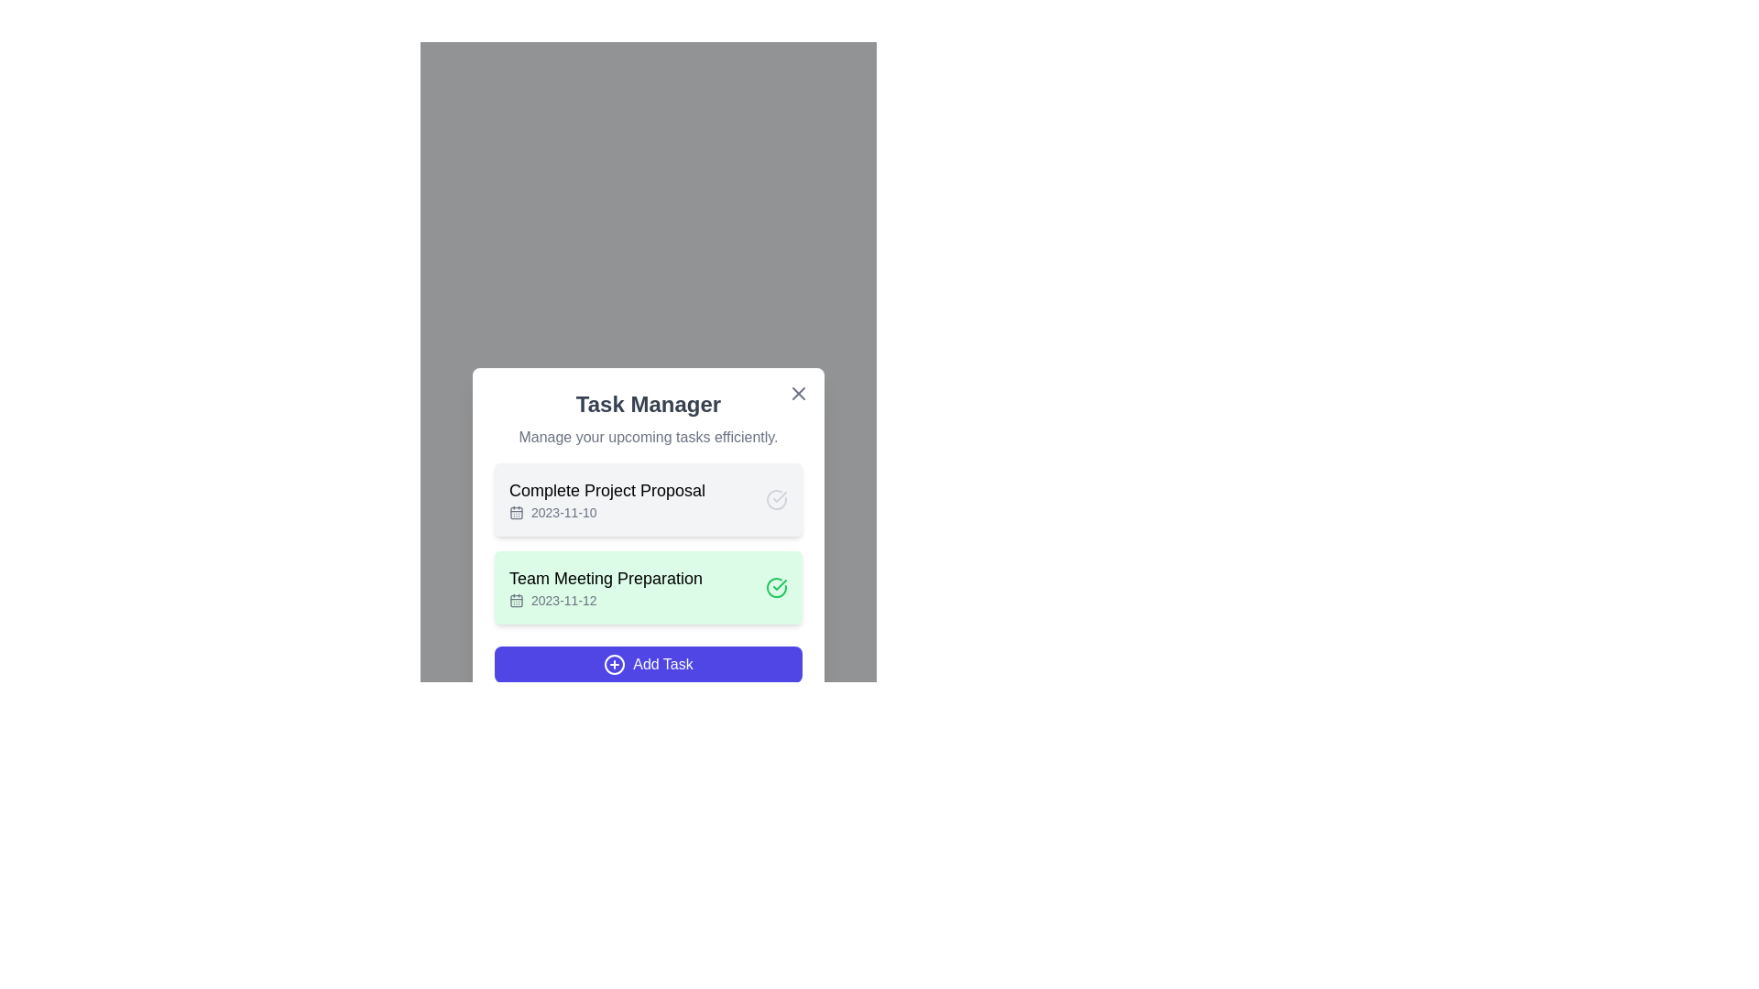 This screenshot has height=989, width=1759. I want to click on the 'Add Task' button with a vibrant indigo-blue background and a plus icon, so click(649, 664).